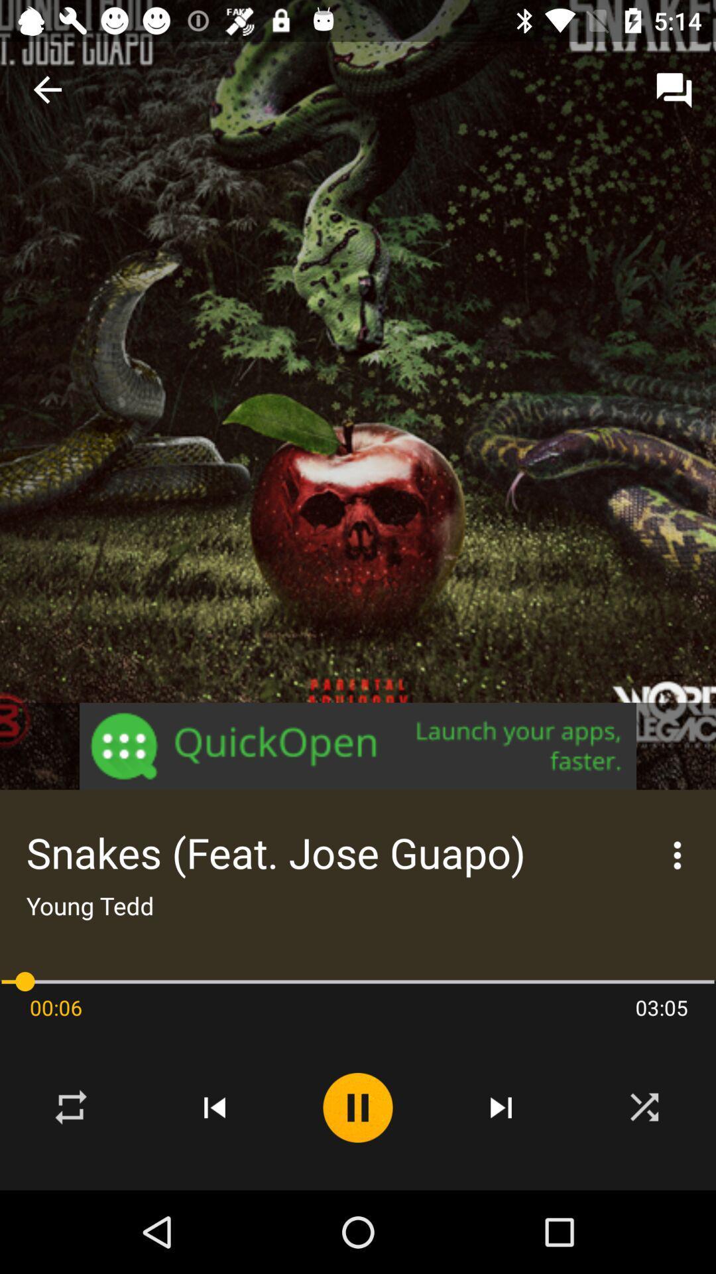 The width and height of the screenshot is (716, 1274). Describe the element at coordinates (89, 904) in the screenshot. I see `the text which is immediately below snakes feat jose guapo` at that location.